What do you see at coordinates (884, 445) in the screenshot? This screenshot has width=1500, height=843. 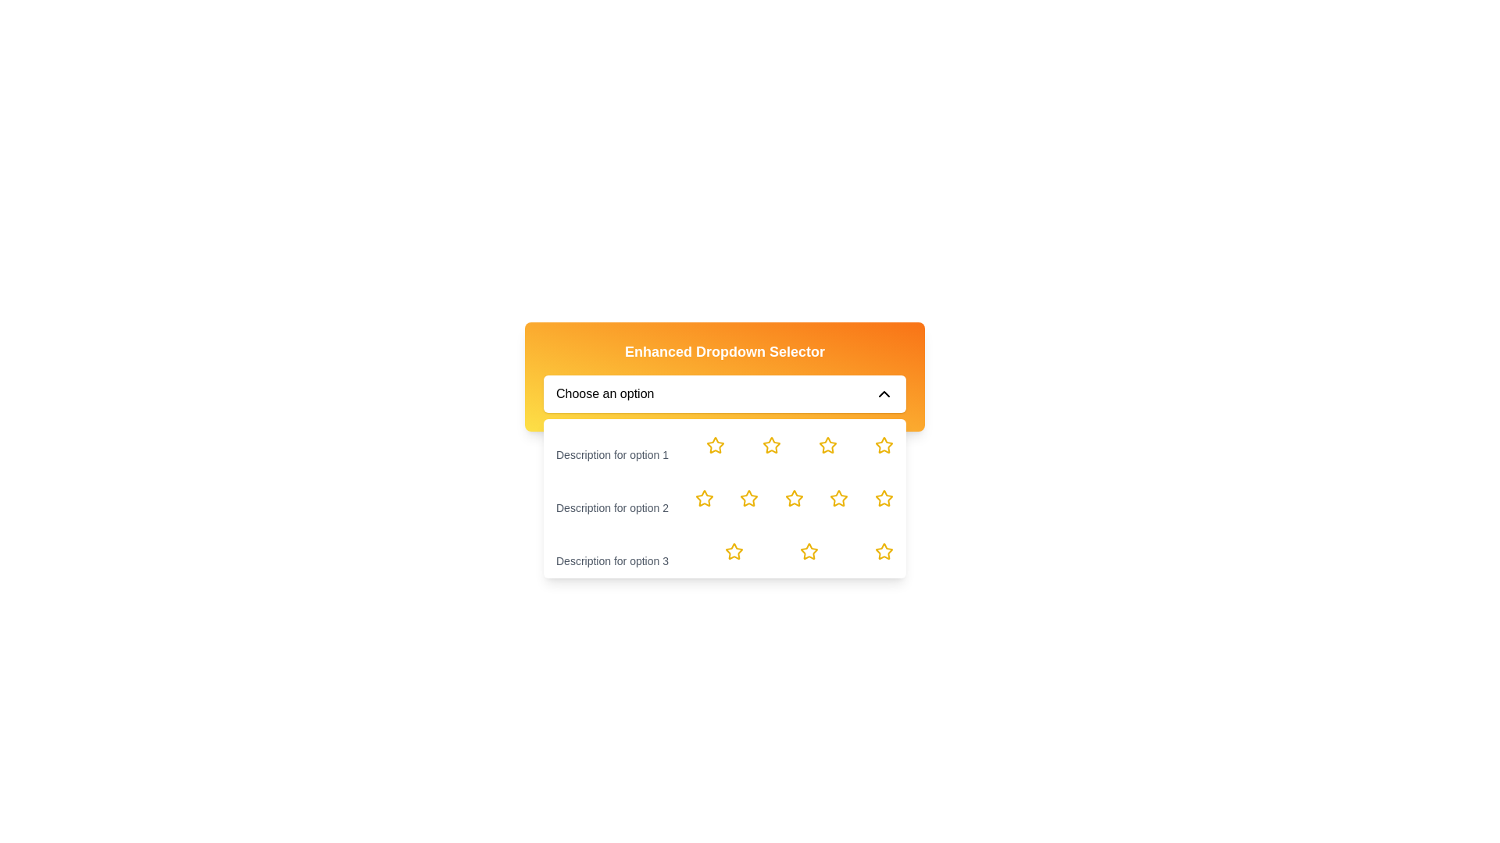 I see `the yellow star icon, which is the fifth star in the row associated with 'Option 1'` at bounding box center [884, 445].